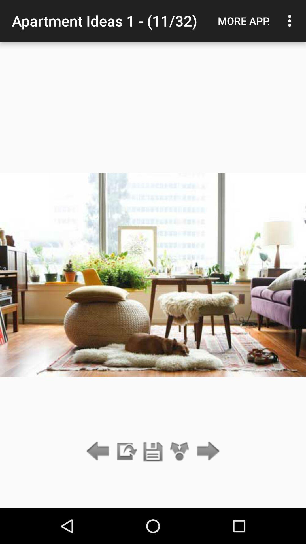 The width and height of the screenshot is (306, 544). I want to click on the save icon, so click(153, 451).